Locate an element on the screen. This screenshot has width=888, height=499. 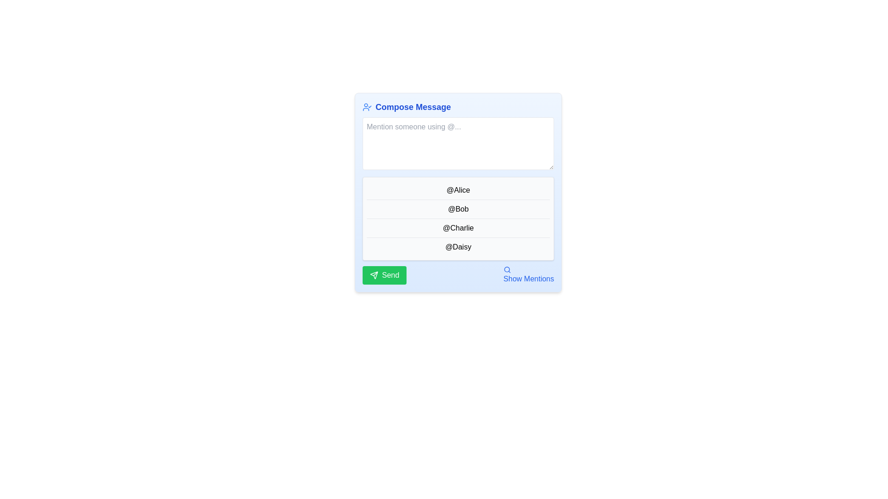
the Circle SVG element is located at coordinates (506, 269).